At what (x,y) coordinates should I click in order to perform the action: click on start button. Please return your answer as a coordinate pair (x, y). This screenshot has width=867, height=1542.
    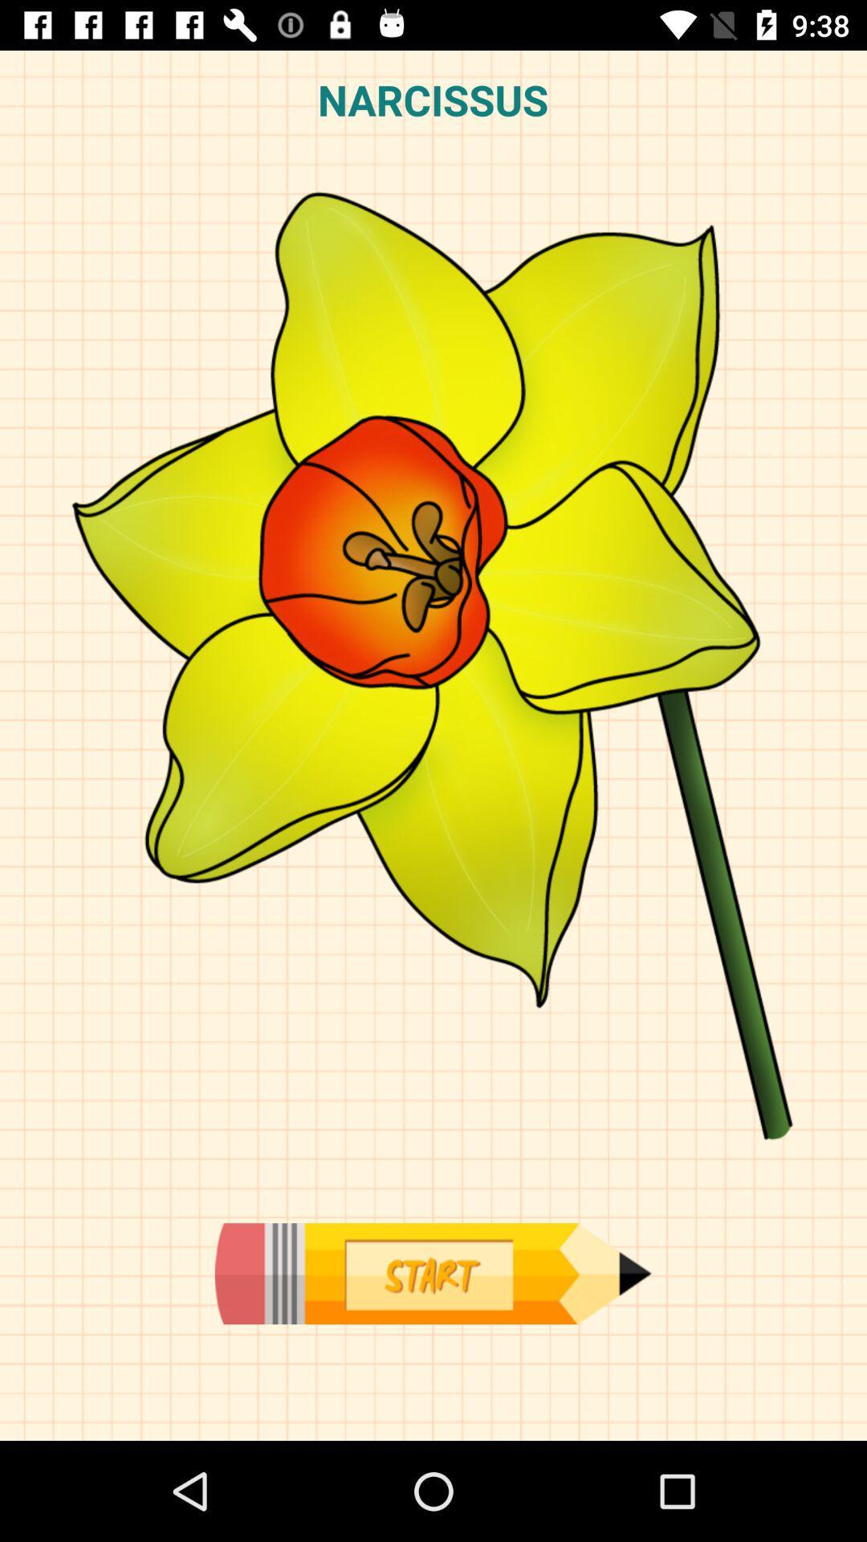
    Looking at the image, I should click on (432, 1273).